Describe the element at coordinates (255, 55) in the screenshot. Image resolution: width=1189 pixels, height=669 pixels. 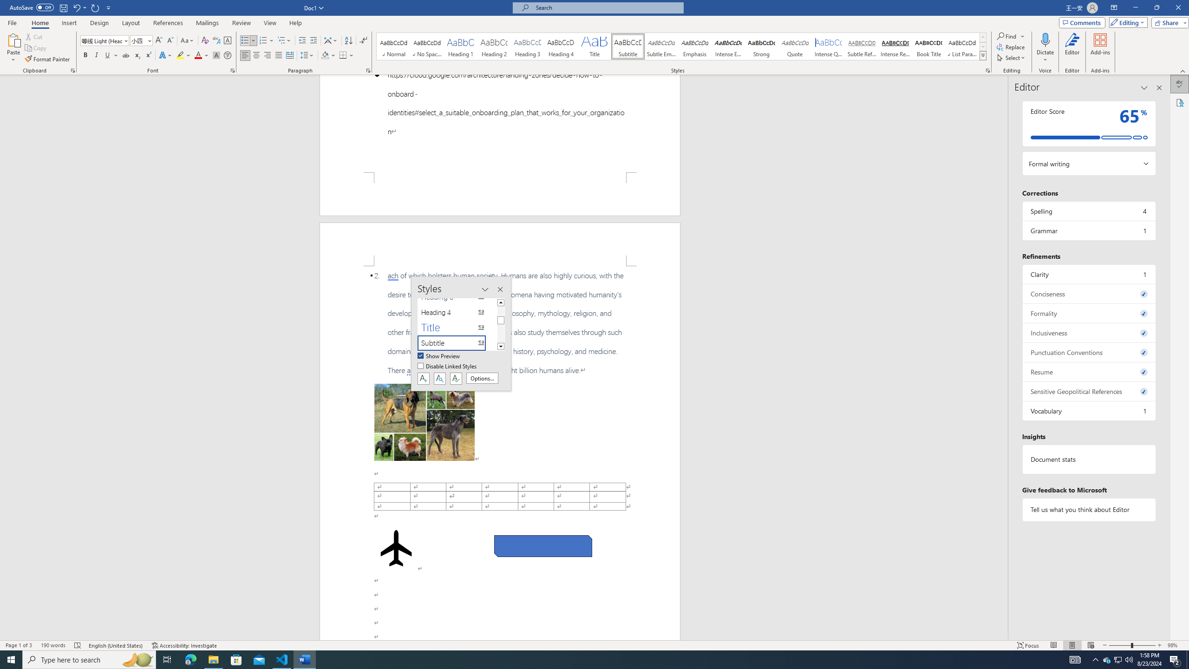
I see `'Center'` at that location.